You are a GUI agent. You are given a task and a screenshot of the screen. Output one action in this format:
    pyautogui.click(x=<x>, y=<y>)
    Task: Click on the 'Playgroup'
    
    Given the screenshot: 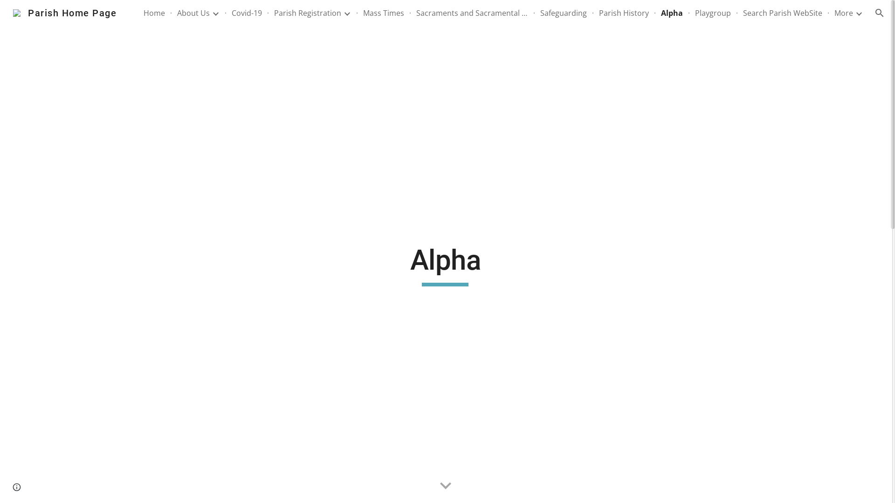 What is the action you would take?
    pyautogui.click(x=712, y=13)
    